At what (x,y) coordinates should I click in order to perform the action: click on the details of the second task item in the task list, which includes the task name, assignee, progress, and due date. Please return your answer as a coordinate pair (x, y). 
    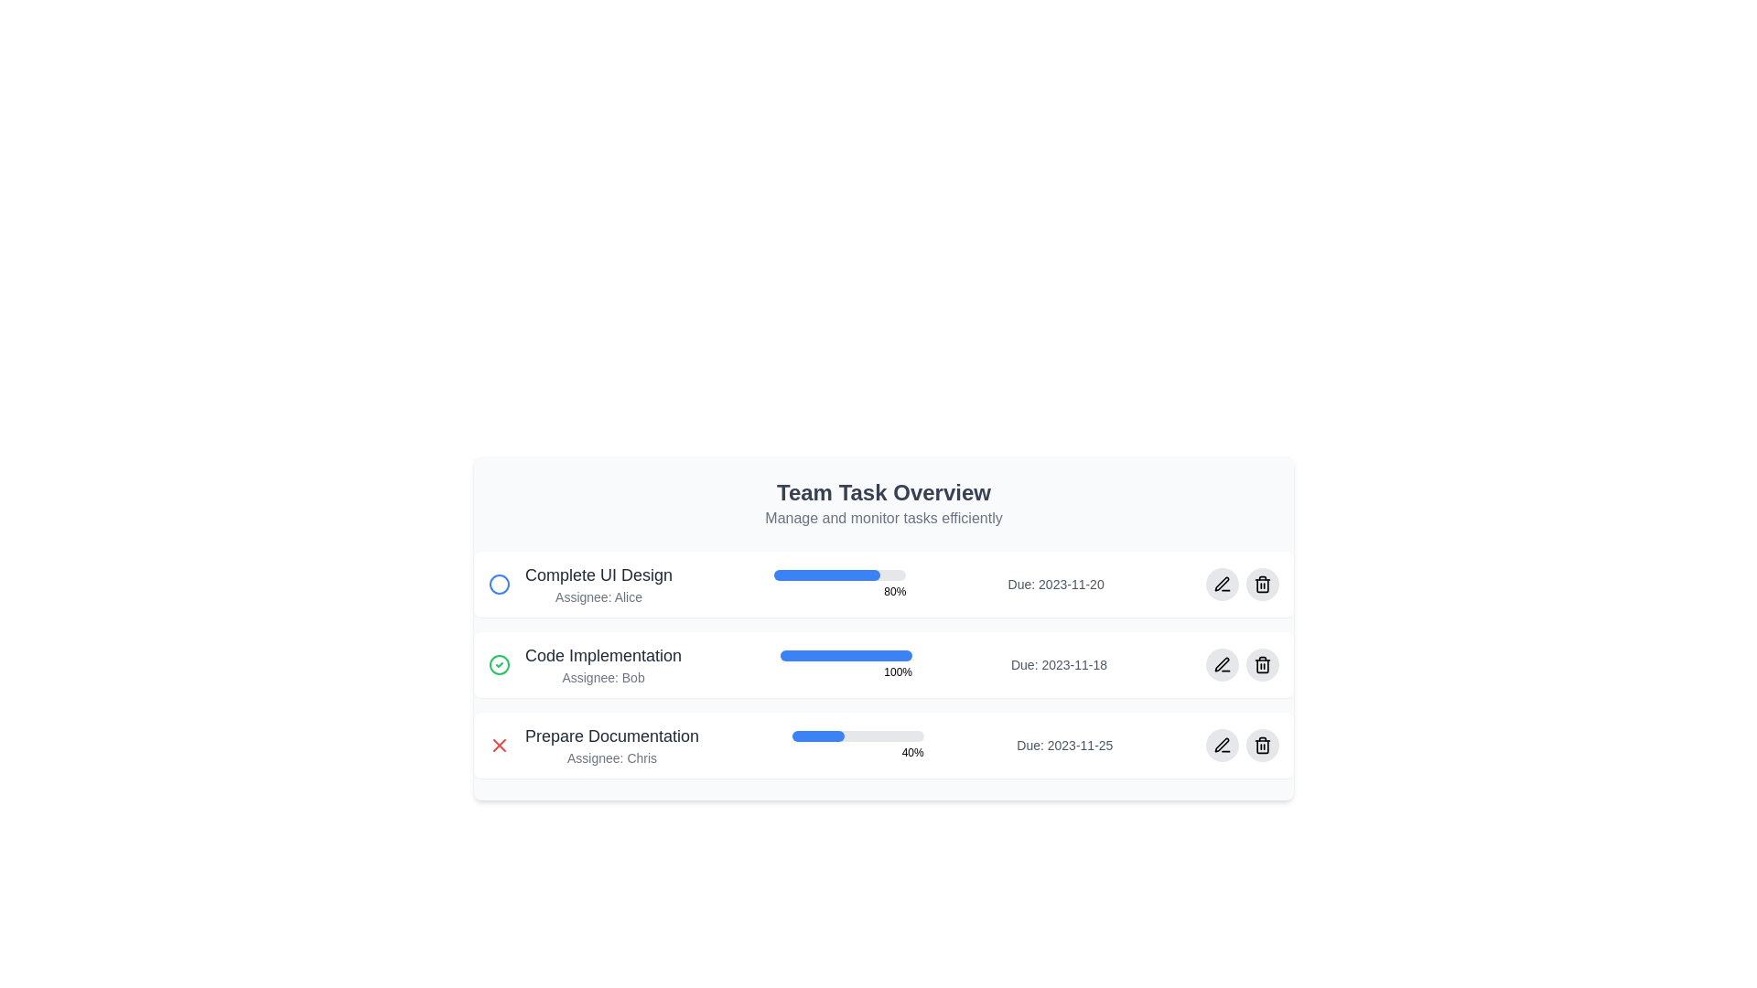
    Looking at the image, I should click on (883, 664).